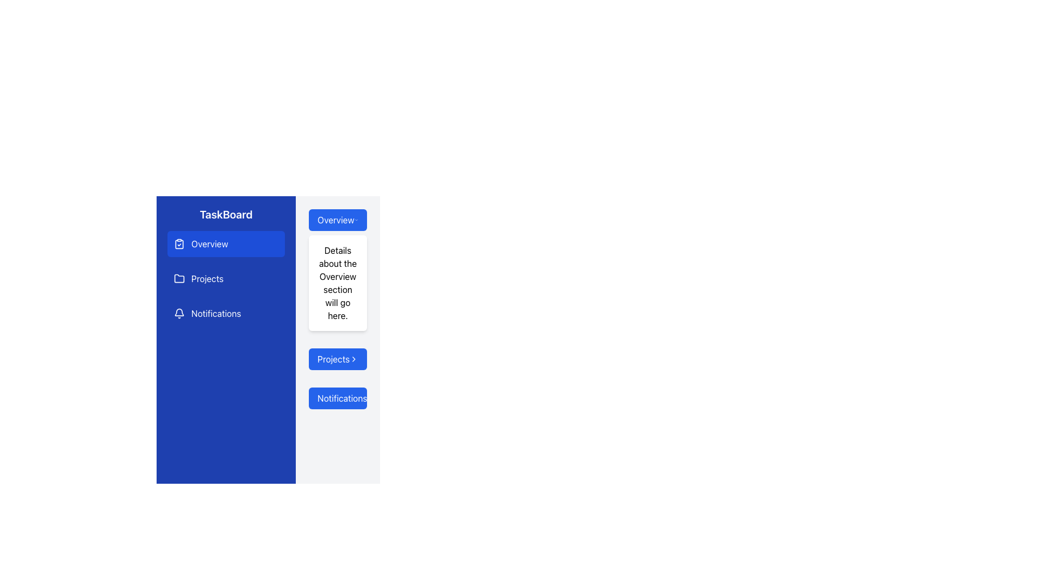  What do you see at coordinates (337, 282) in the screenshot?
I see `the Text Display Box that displays detailed content about the 'Overview' section, located in the center-right section of the interface, below the 'Overview' header button and above the 'Projects' button` at bounding box center [337, 282].